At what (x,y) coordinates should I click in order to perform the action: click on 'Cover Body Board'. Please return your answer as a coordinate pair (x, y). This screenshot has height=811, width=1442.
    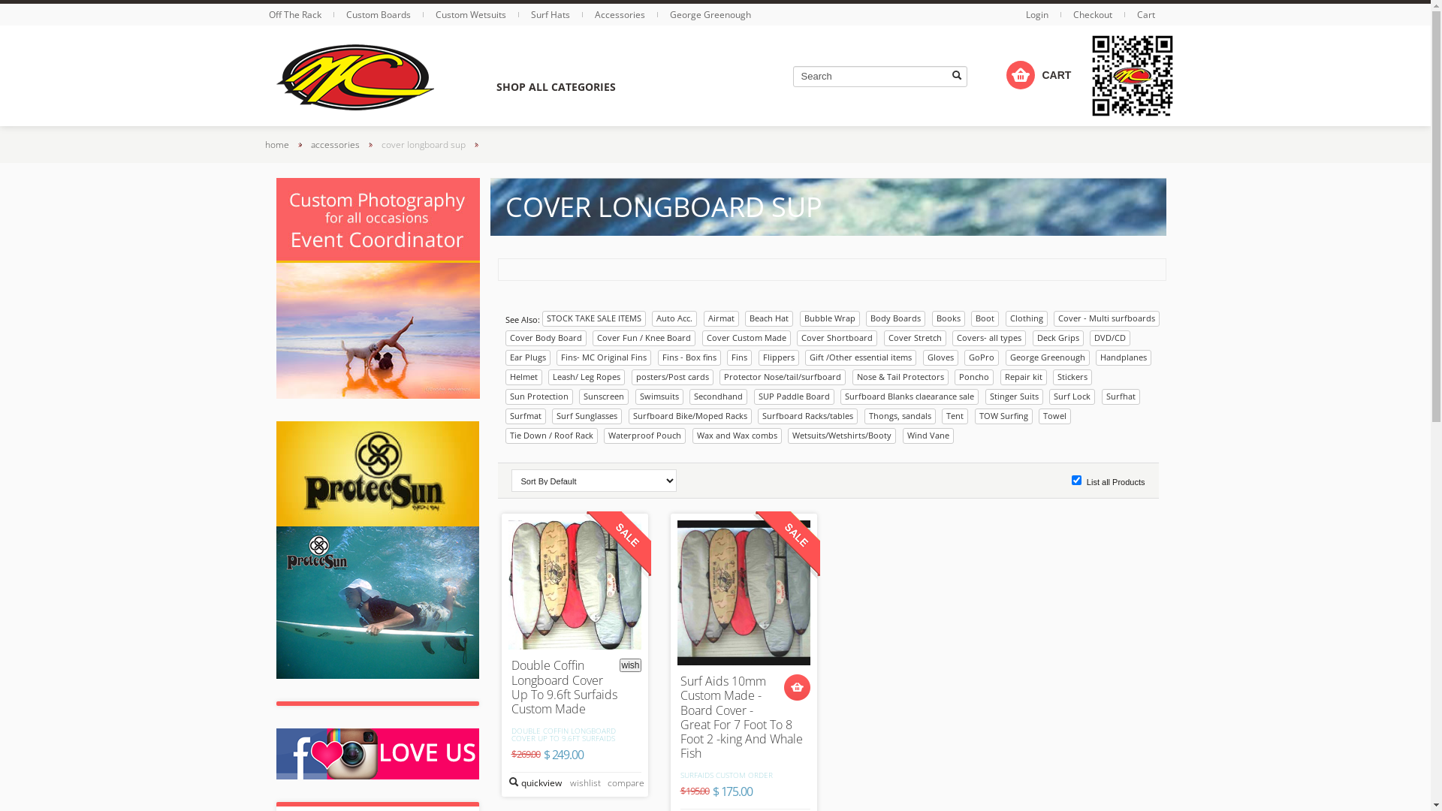
    Looking at the image, I should click on (505, 338).